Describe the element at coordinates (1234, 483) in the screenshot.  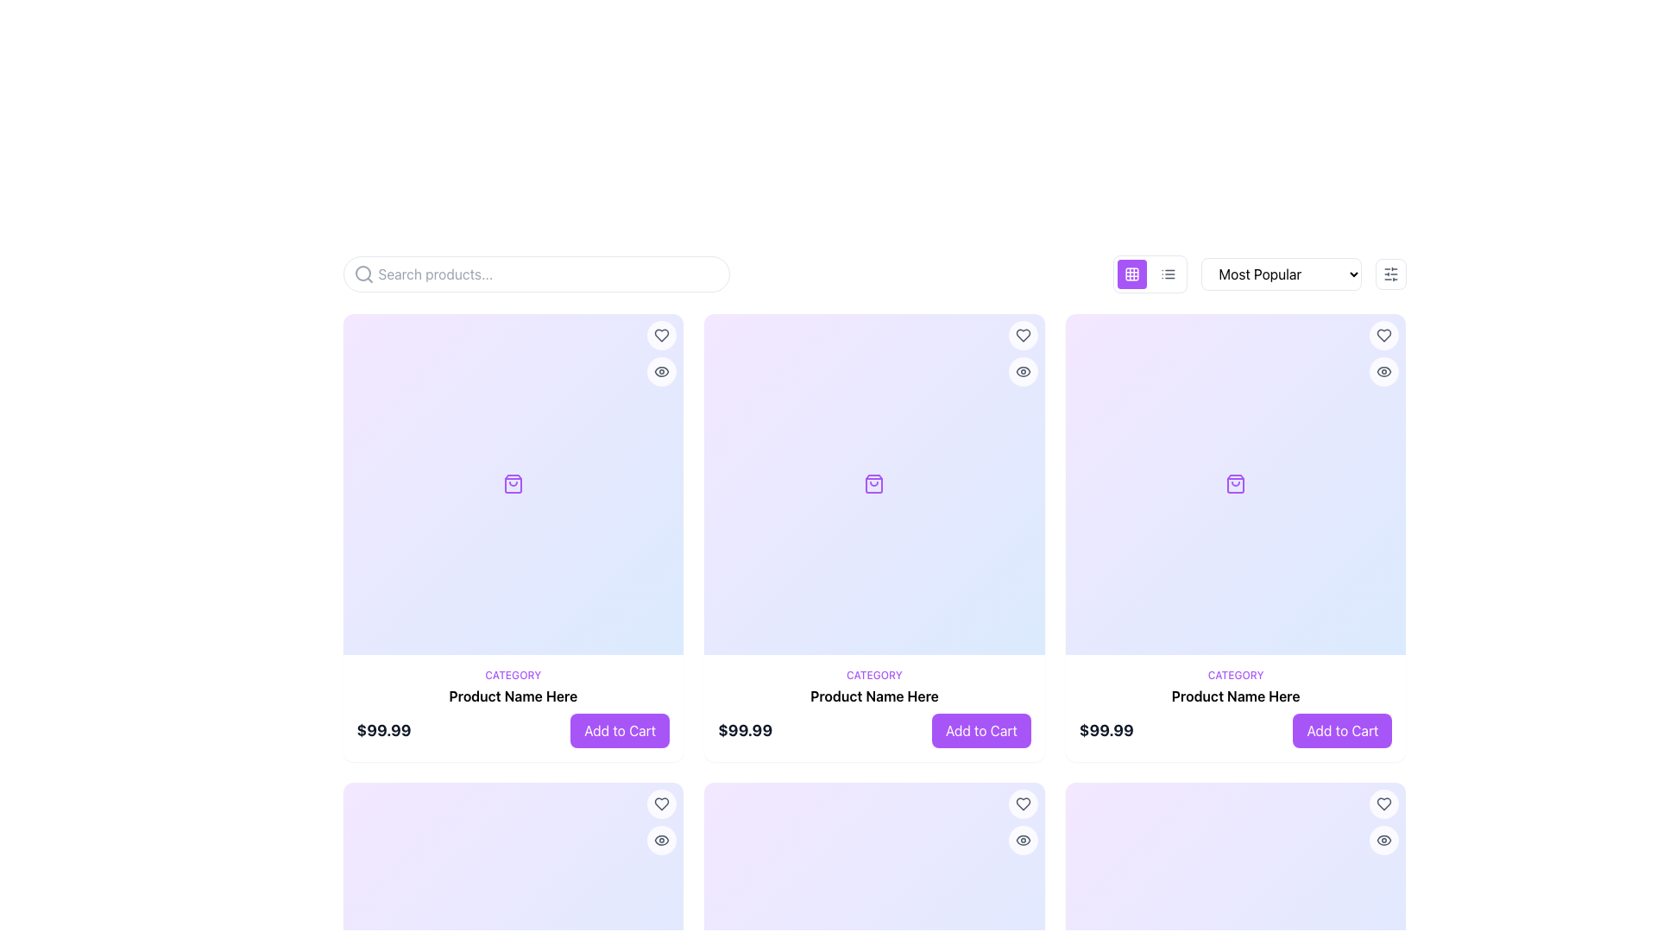
I see `the shopping-related icon located in the second column of the first row of a grid layout` at that location.